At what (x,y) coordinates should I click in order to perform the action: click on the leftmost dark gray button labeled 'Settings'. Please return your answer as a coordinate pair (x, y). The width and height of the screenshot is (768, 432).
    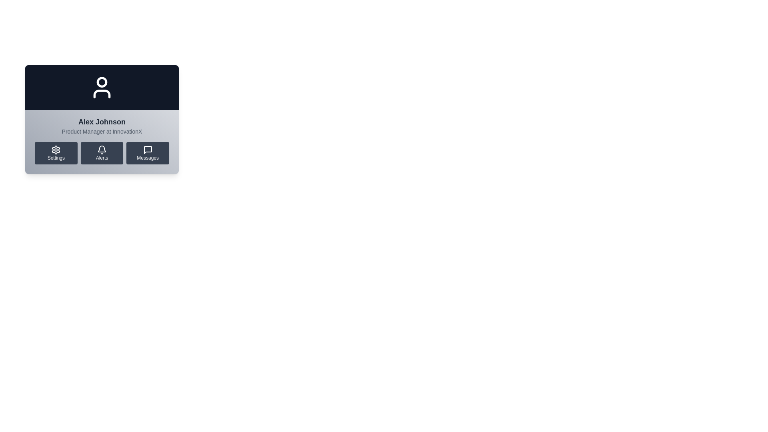
    Looking at the image, I should click on (56, 153).